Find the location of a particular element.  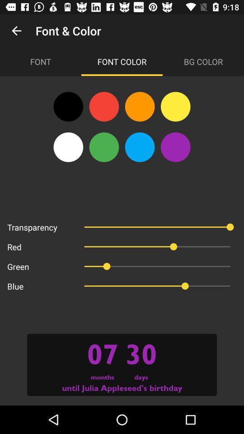

the avatar icon is located at coordinates (68, 147).